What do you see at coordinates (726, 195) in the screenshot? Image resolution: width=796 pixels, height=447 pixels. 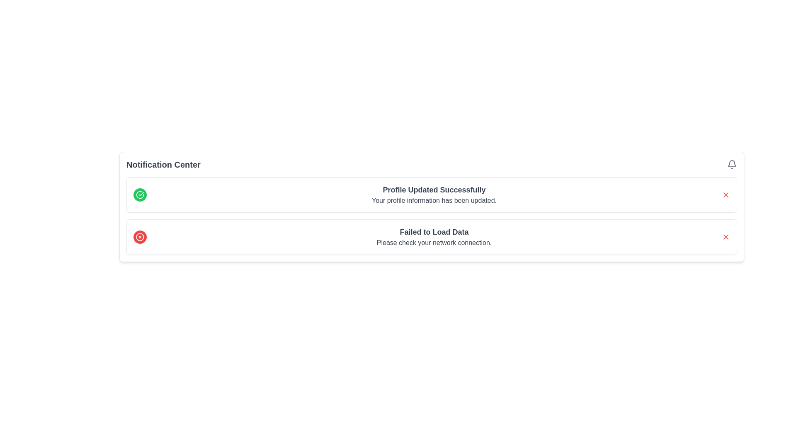 I see `the red 'X' icon button in the top-right corner of the notification message indicating 'Profile Updated Successfully'` at bounding box center [726, 195].